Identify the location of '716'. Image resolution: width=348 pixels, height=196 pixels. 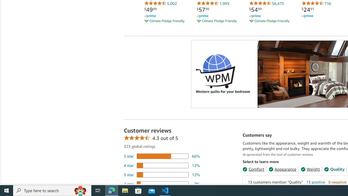
(316, 3).